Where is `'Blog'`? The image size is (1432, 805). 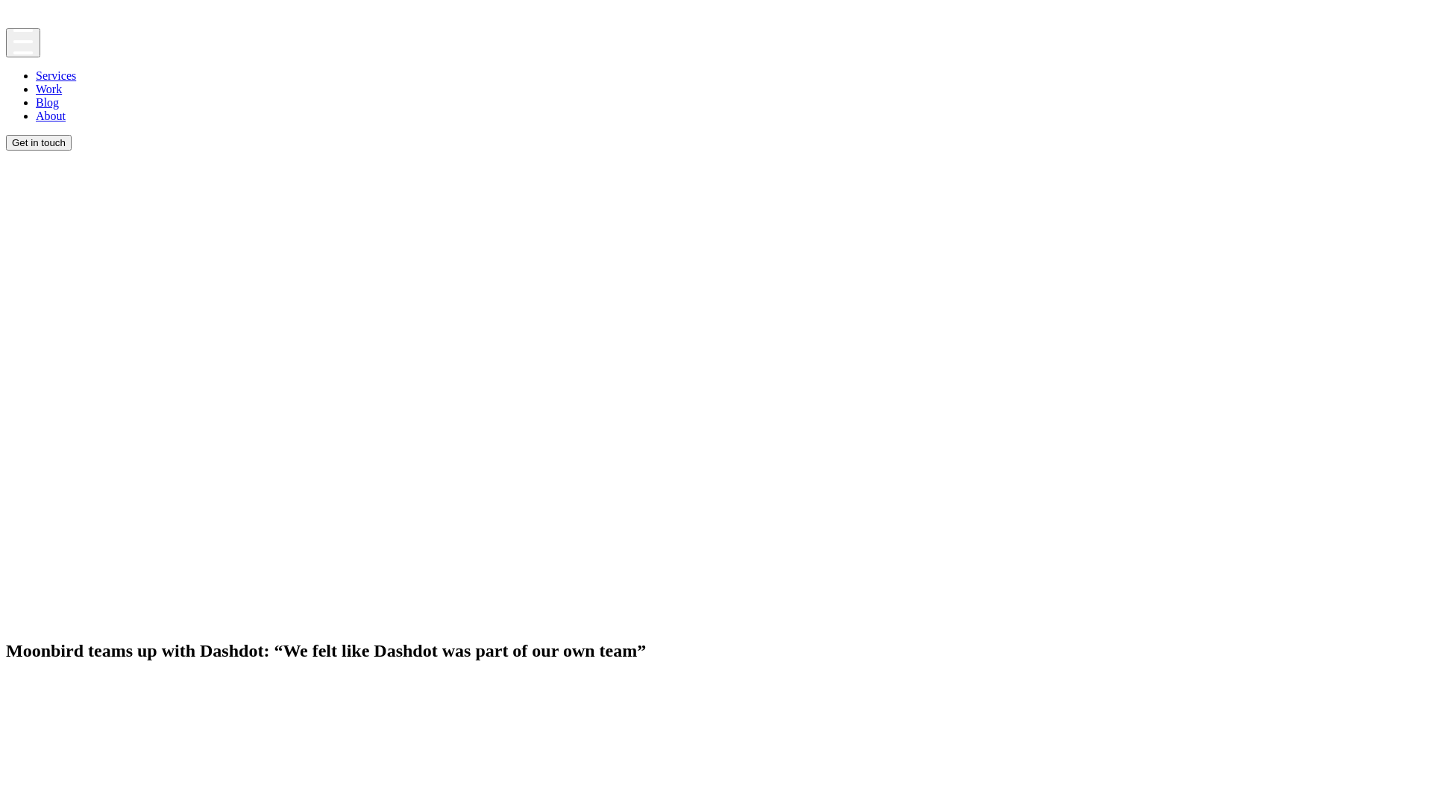
'Blog' is located at coordinates (47, 101).